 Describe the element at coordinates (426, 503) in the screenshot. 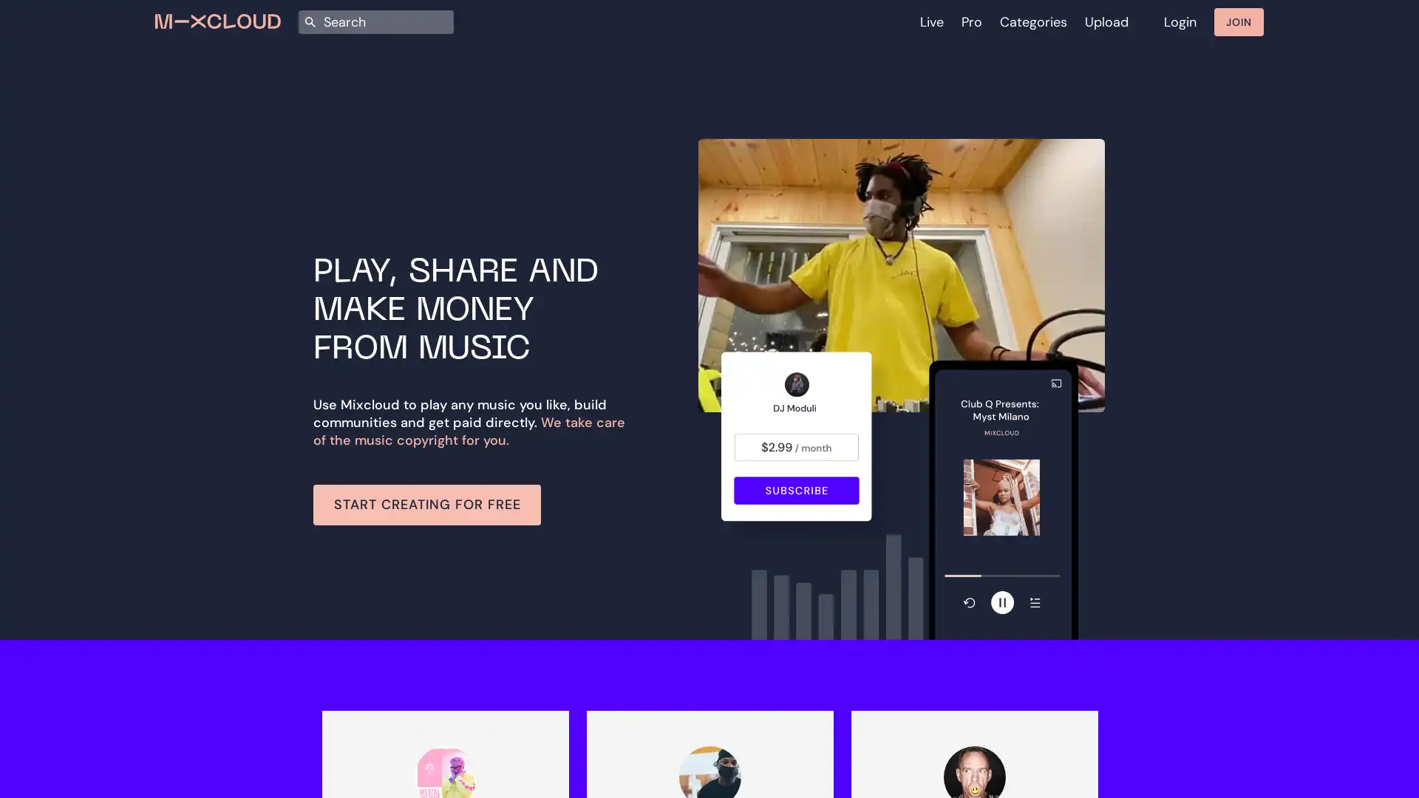

I see `START CREATING FOR FREE` at that location.